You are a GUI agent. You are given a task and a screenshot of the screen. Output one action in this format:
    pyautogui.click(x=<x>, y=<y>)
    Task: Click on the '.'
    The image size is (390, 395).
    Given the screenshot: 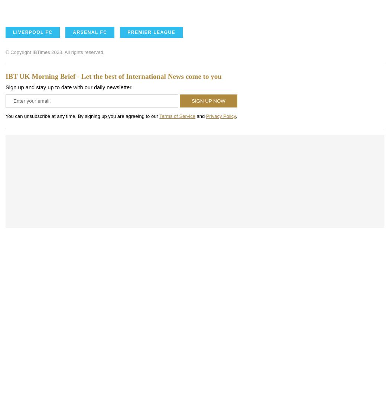 What is the action you would take?
    pyautogui.click(x=236, y=116)
    